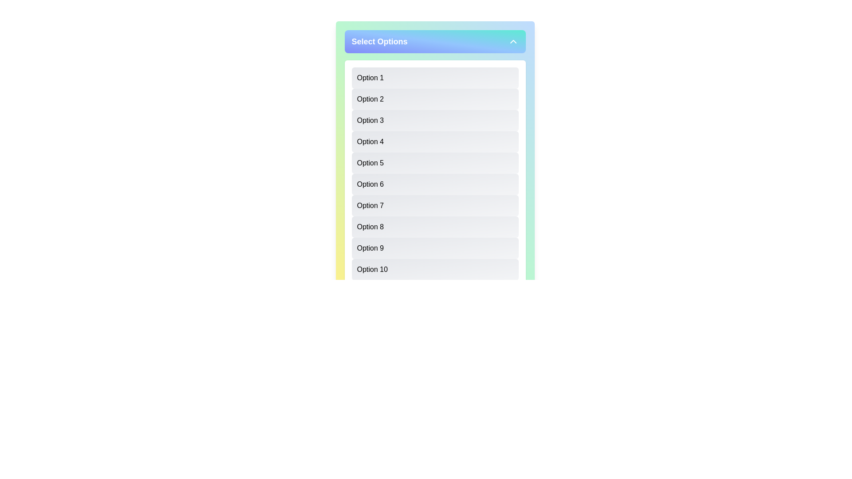  I want to click on the 'Option 8' label, which is displayed in bold text within a grayish background, so click(370, 227).